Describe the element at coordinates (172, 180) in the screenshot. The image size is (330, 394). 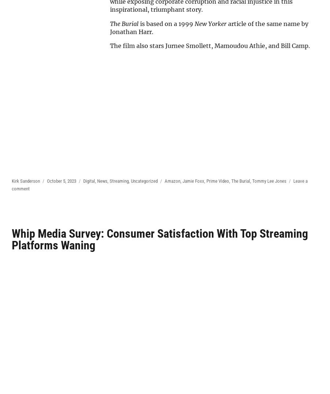
I see `'Amazon'` at that location.